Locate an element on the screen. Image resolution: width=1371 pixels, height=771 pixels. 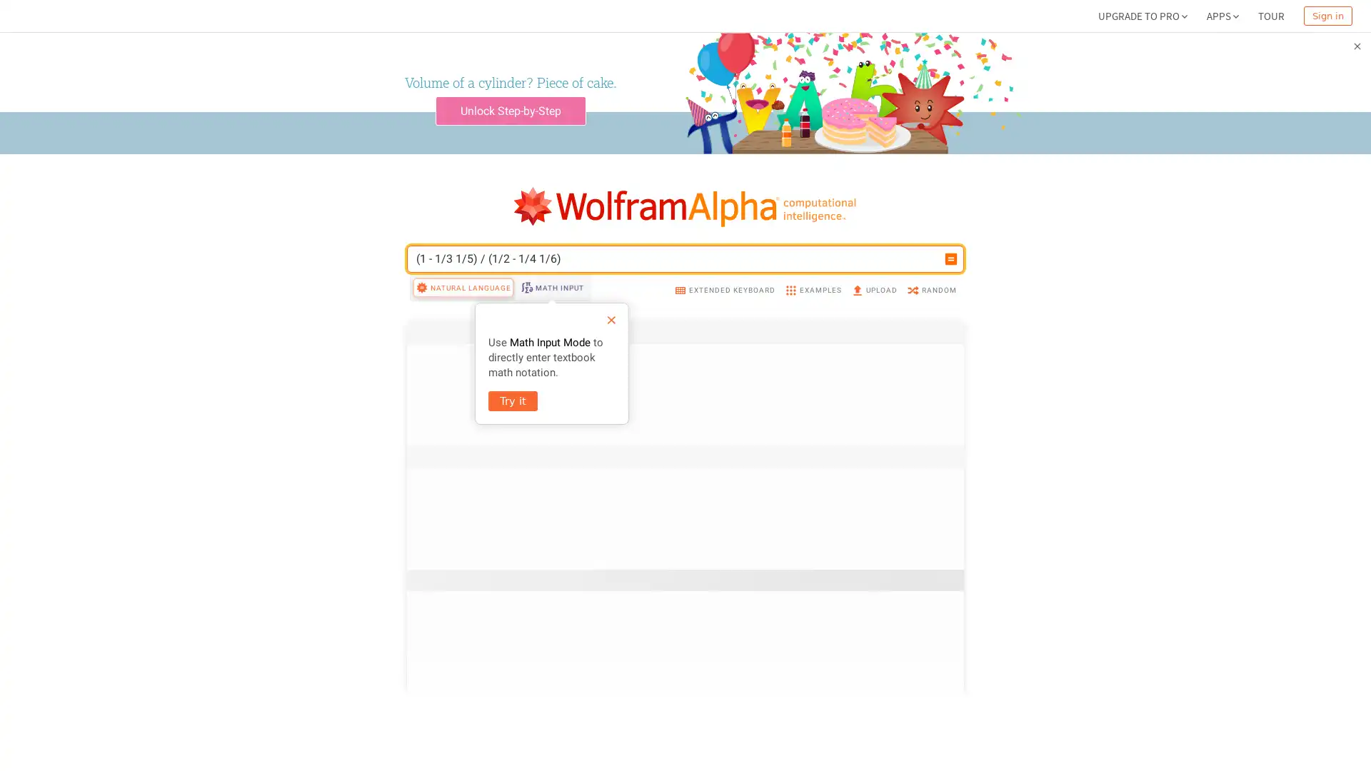
MATH INPUT is located at coordinates (551, 287).